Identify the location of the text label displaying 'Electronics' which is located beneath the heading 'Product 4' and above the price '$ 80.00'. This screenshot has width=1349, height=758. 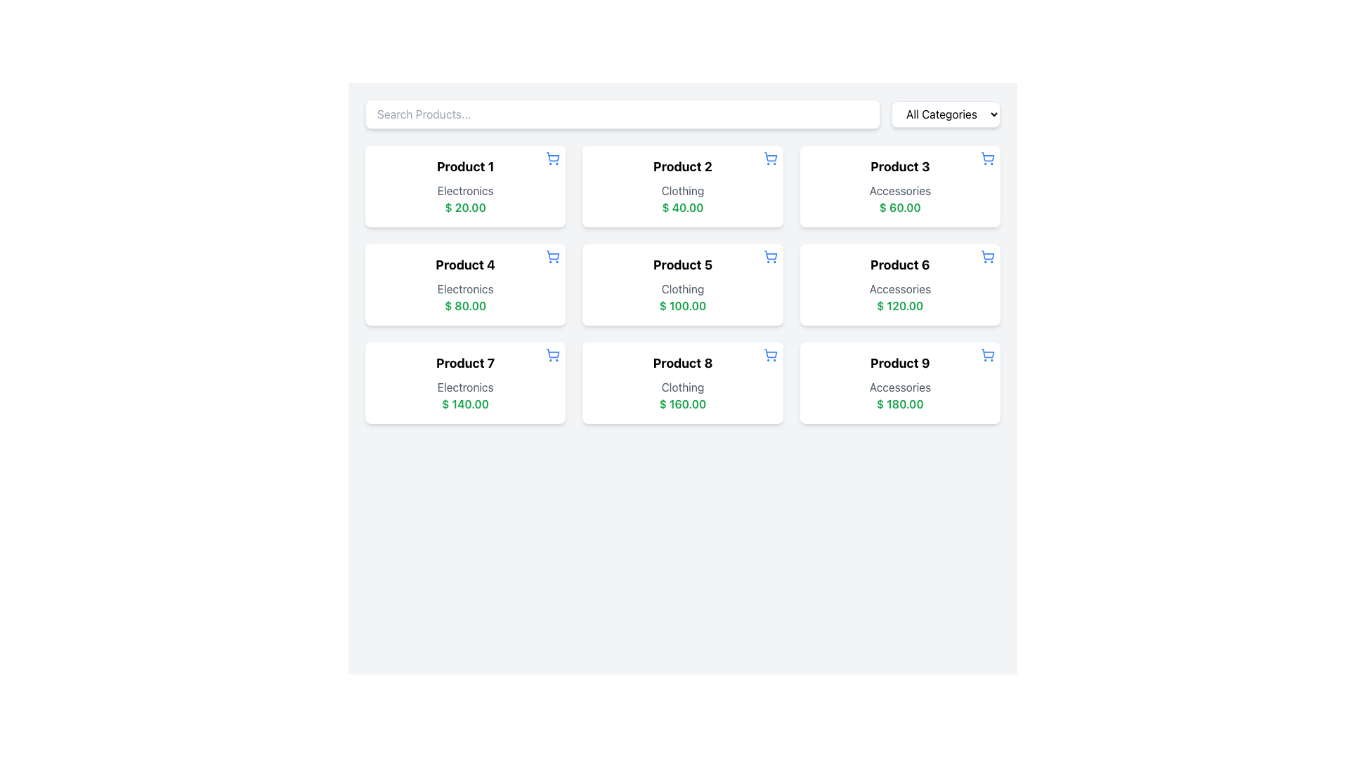
(465, 288).